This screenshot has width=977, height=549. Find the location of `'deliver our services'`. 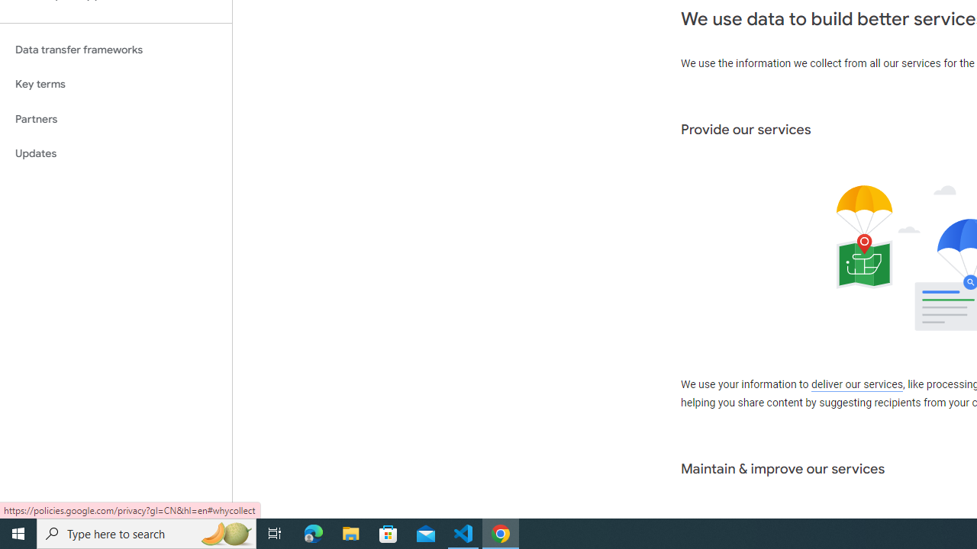

'deliver our services' is located at coordinates (856, 384).